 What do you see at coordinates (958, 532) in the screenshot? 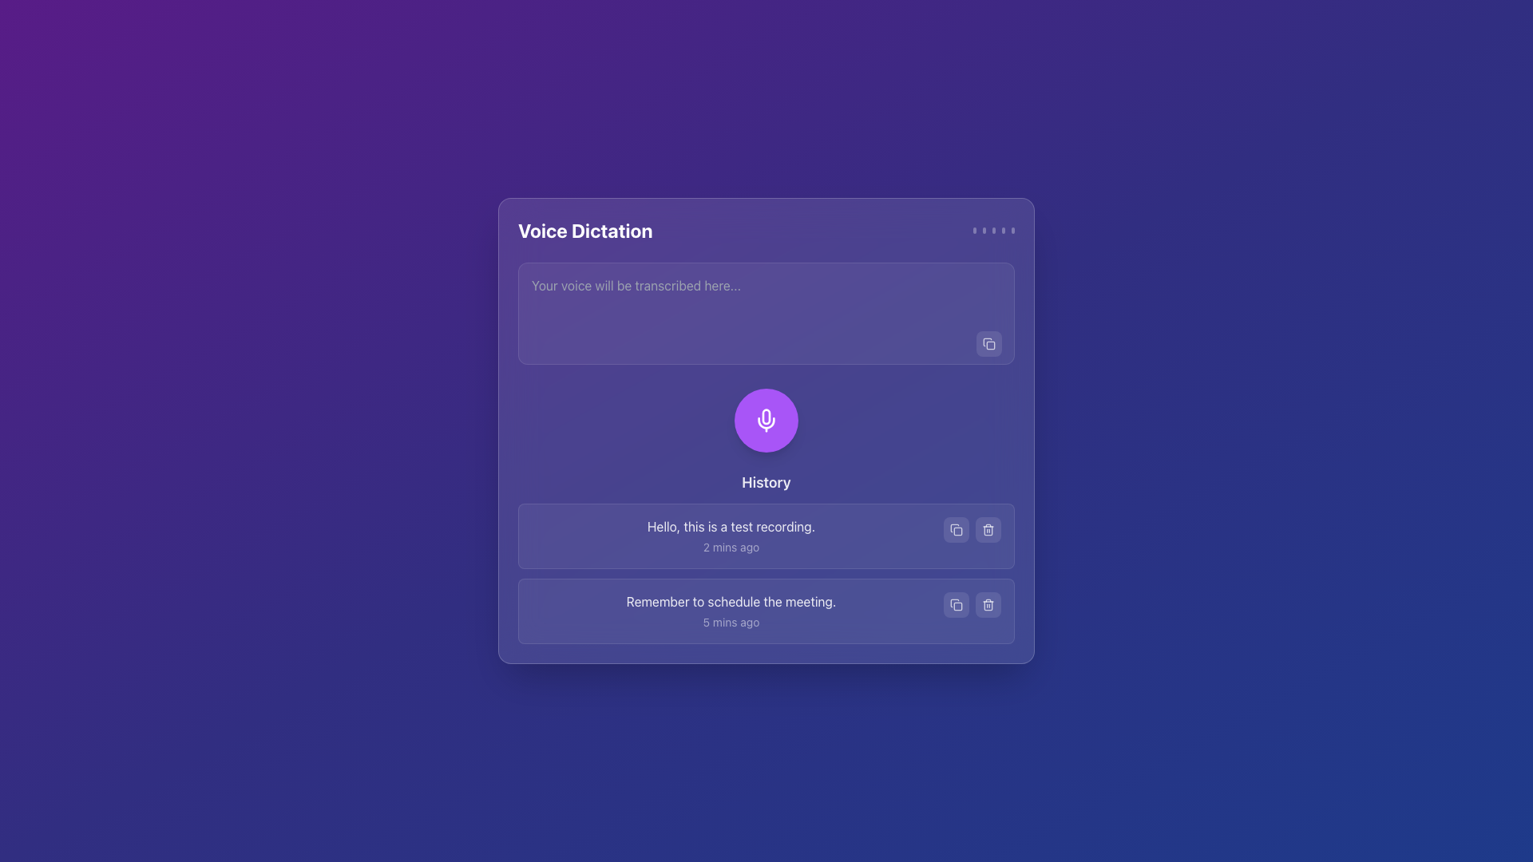
I see `the small graphical icon located at the far right of the second history entry in the main visible interface to enhance visual feedback or indicate a state` at bounding box center [958, 532].